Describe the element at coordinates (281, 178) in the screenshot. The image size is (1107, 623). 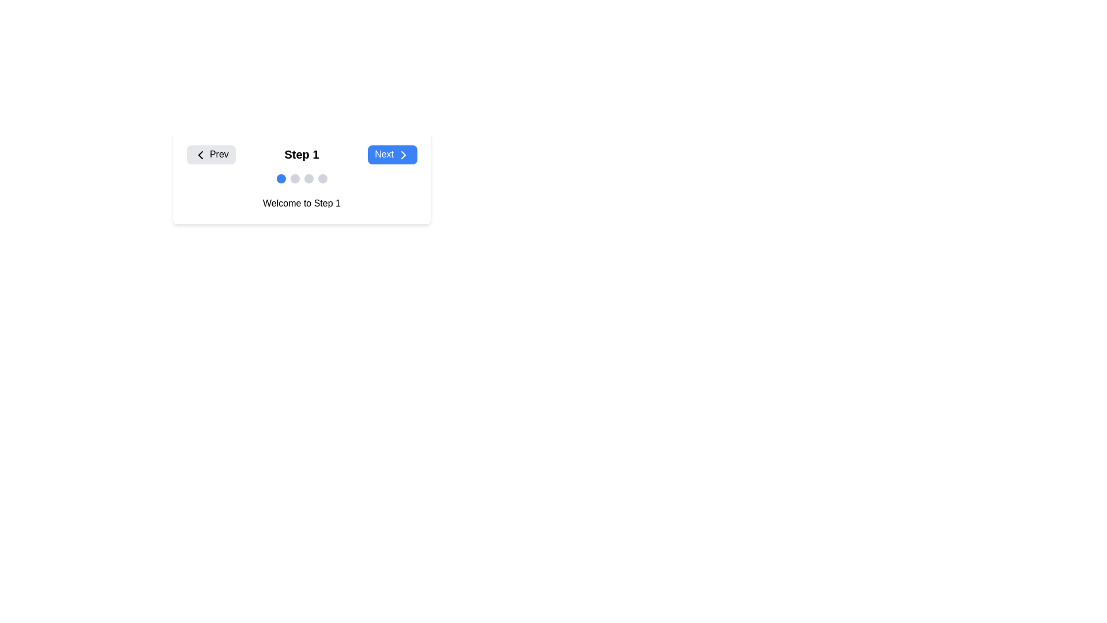
I see `the first circular progress indicator located below 'Step 1' and above 'Welcome to Step 1'` at that location.